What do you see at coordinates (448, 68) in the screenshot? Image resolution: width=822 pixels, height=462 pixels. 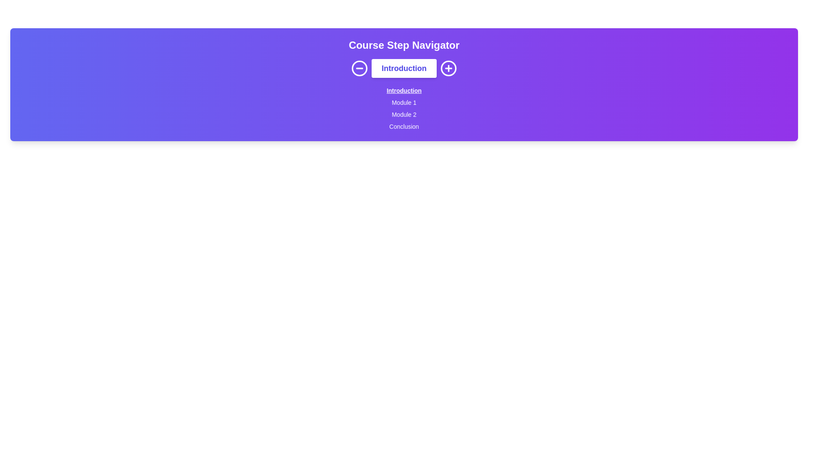 I see `the circular button with a white border and a centered white plus symbol` at bounding box center [448, 68].